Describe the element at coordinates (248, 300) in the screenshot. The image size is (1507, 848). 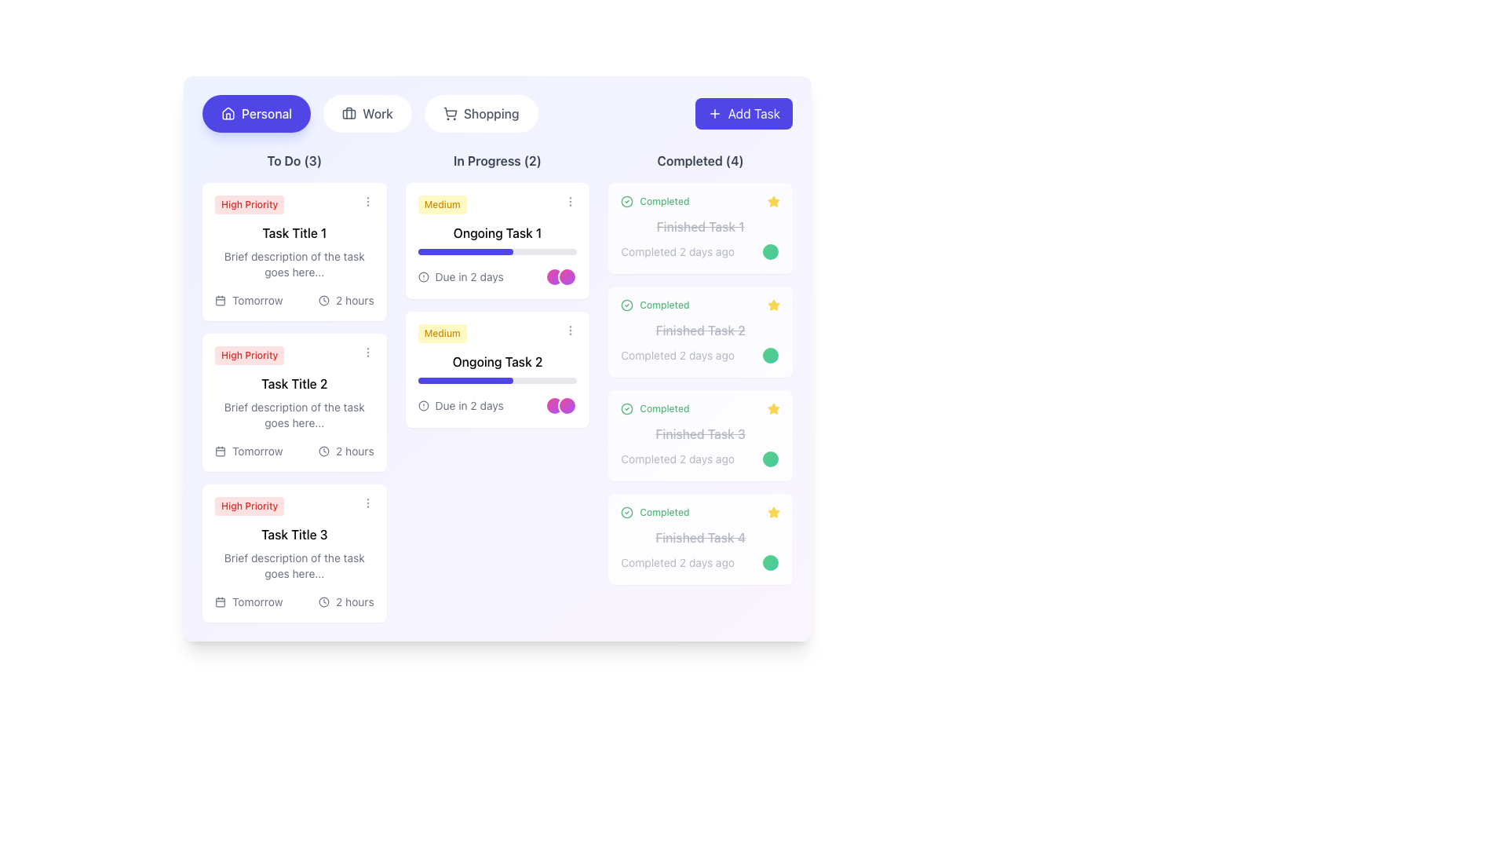
I see `the static informational label in the 'To Do' section that indicates the scheduled date for 'Tomorrow' with an accompanying duration of '2 hours'` at that location.